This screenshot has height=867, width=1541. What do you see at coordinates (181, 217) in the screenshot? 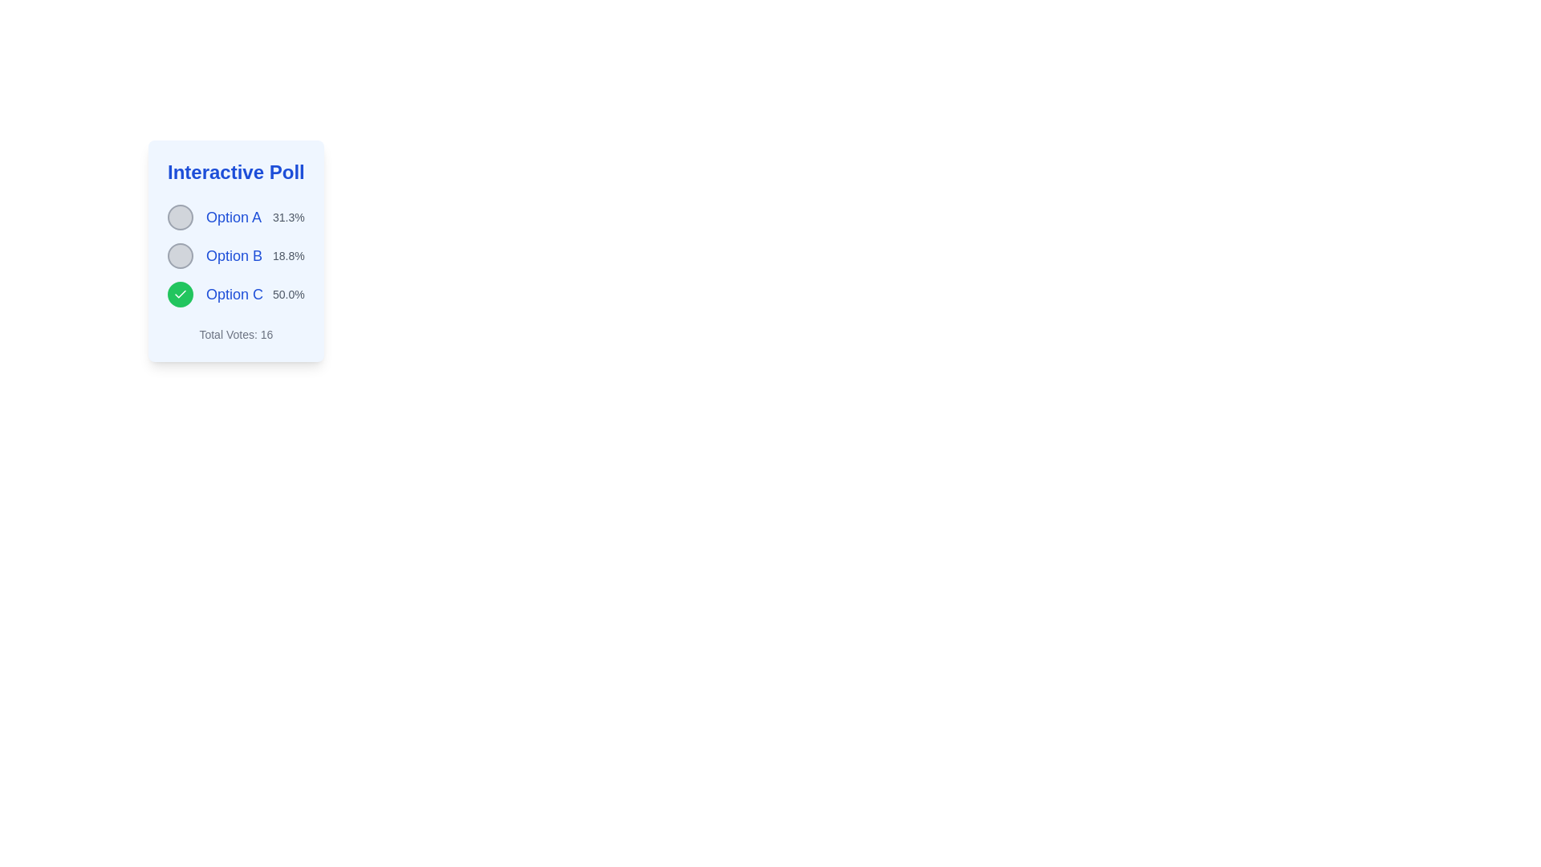
I see `the circular button with a gray background located to the left of the text 'Option A'` at bounding box center [181, 217].